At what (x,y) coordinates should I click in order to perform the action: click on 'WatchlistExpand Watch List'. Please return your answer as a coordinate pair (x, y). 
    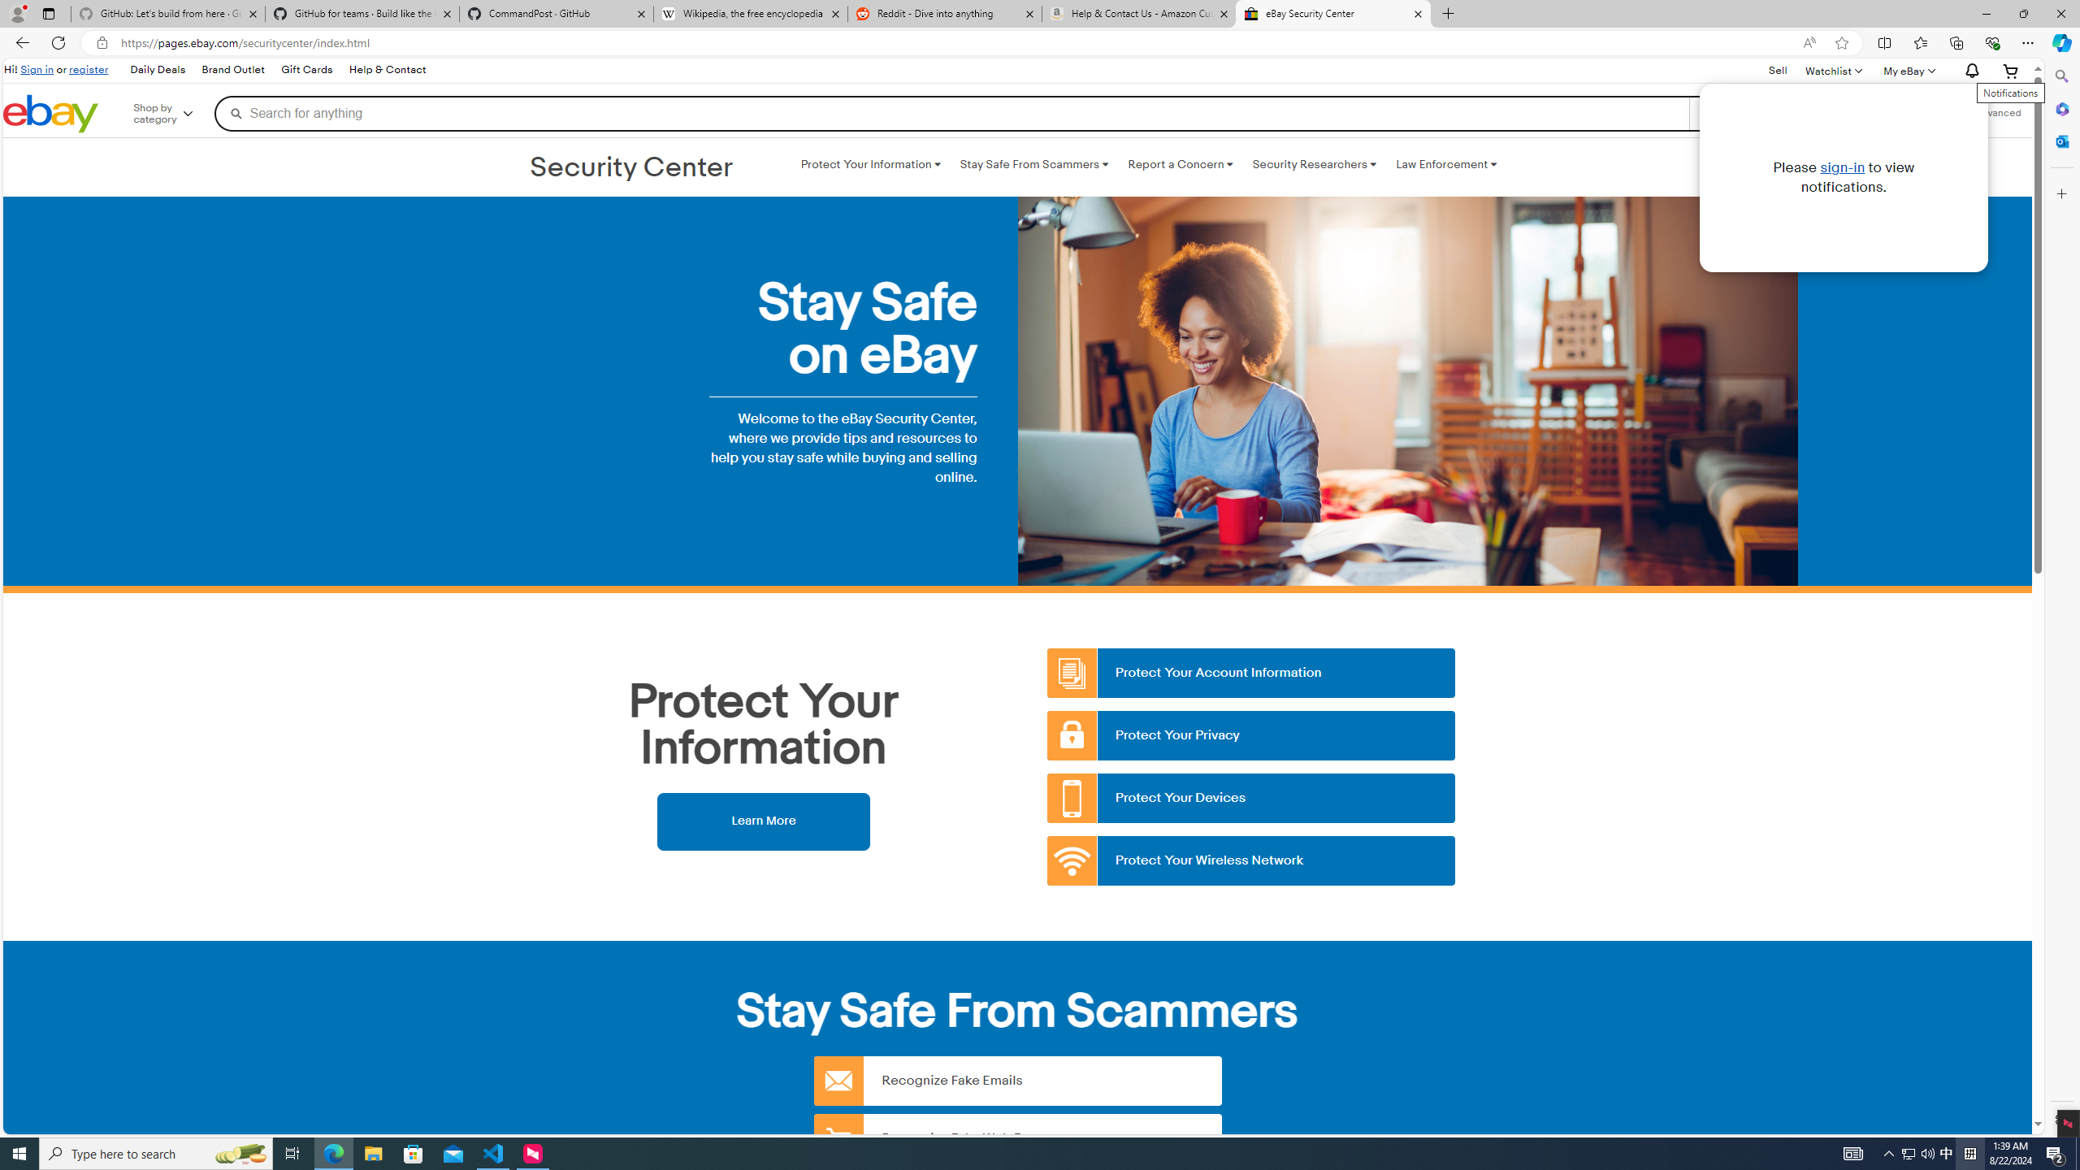
    Looking at the image, I should click on (1832, 71).